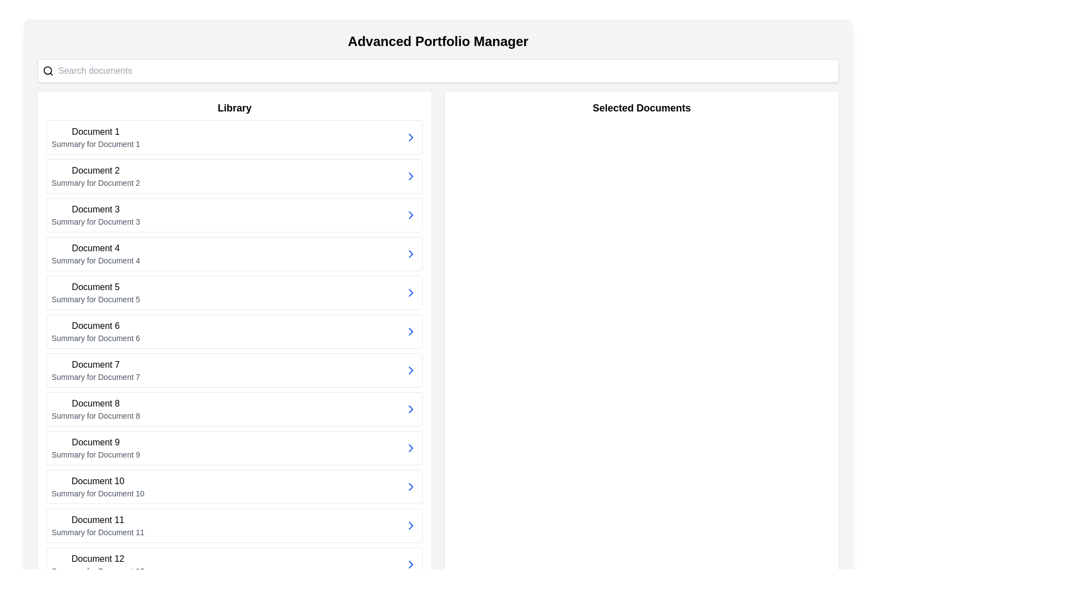  Describe the element at coordinates (98, 559) in the screenshot. I see `the text label displaying 'Document 12', which is the main title of the 12th list item in the left-side library section of the interface` at that location.